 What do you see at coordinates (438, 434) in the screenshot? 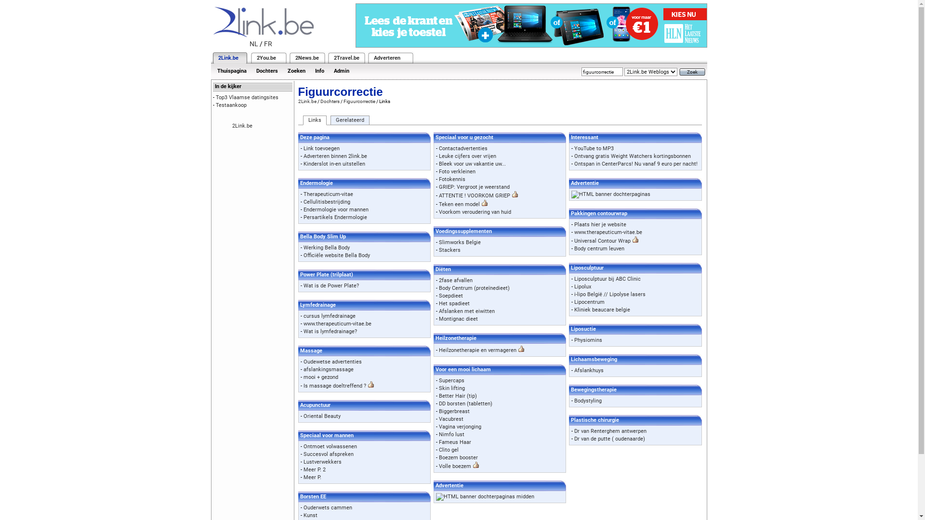
I see `'Nimfo lust'` at bounding box center [438, 434].